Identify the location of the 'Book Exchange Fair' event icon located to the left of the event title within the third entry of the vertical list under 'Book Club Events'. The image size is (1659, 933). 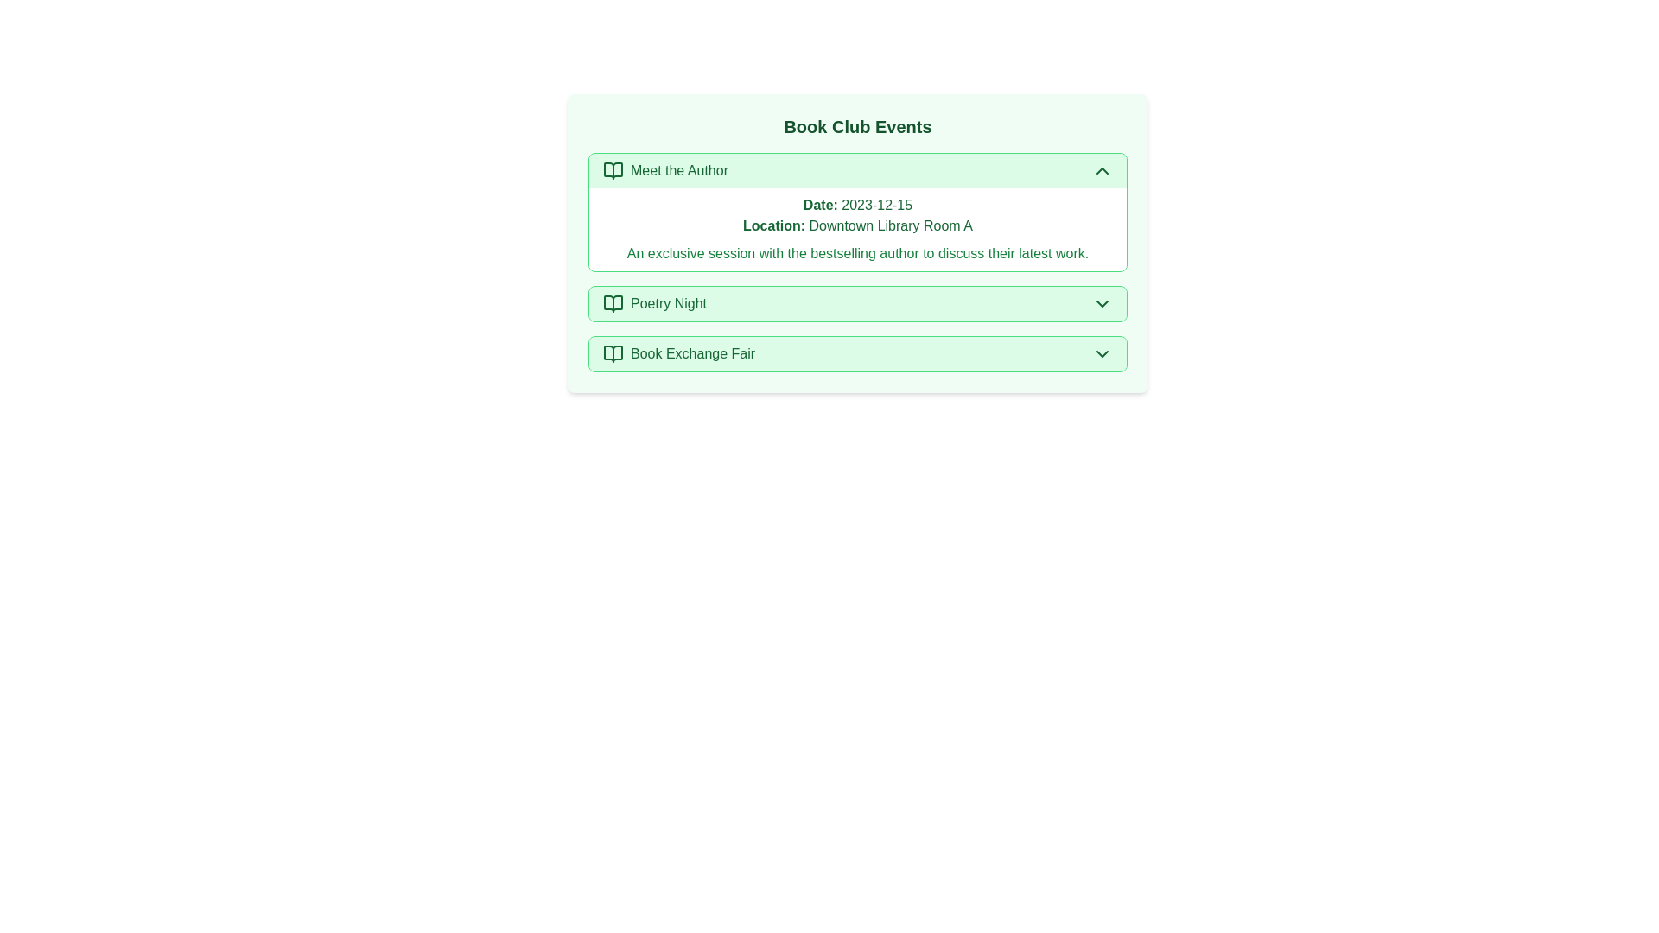
(613, 352).